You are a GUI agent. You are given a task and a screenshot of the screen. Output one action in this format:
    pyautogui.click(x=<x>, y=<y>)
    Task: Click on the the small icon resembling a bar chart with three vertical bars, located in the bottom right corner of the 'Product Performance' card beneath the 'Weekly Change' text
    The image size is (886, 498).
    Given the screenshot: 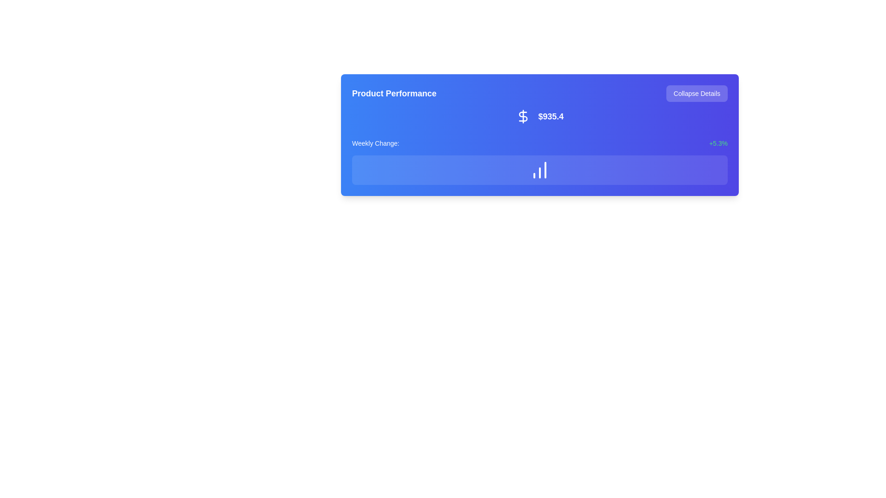 What is the action you would take?
    pyautogui.click(x=540, y=170)
    